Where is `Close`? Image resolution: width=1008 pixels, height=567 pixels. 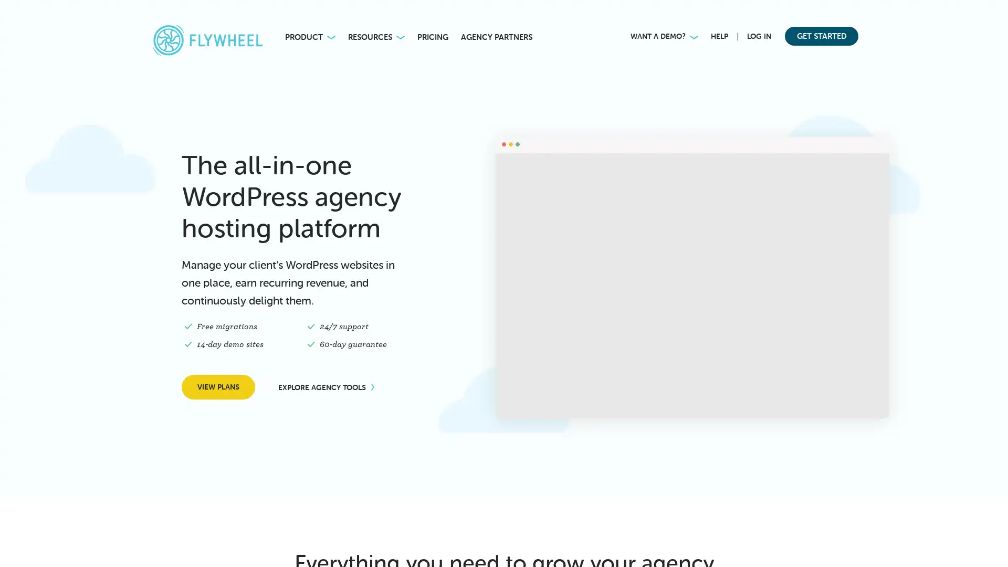
Close is located at coordinates (992, 13).